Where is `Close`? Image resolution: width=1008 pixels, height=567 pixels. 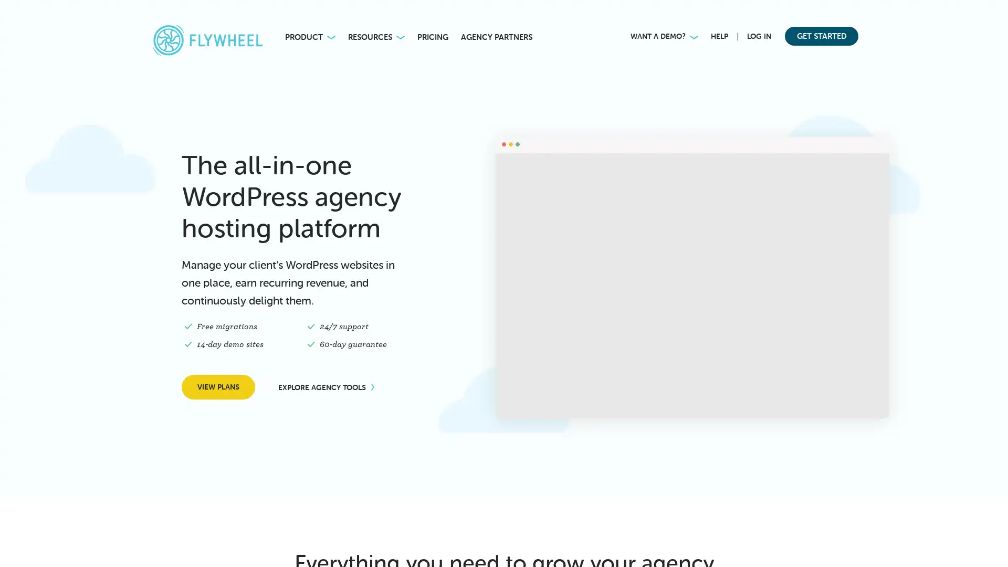
Close is located at coordinates (992, 13).